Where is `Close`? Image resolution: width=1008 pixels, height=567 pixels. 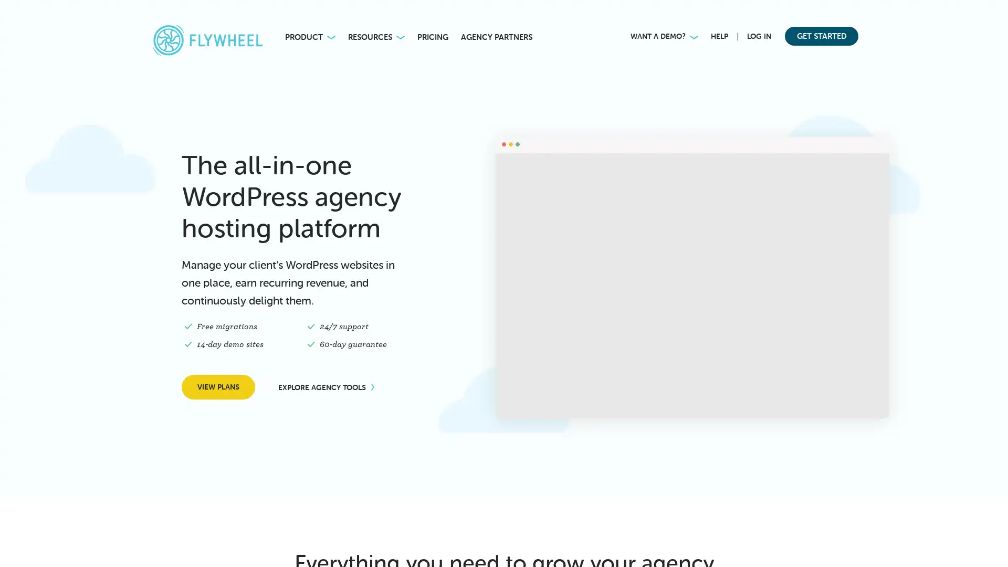
Close is located at coordinates (992, 13).